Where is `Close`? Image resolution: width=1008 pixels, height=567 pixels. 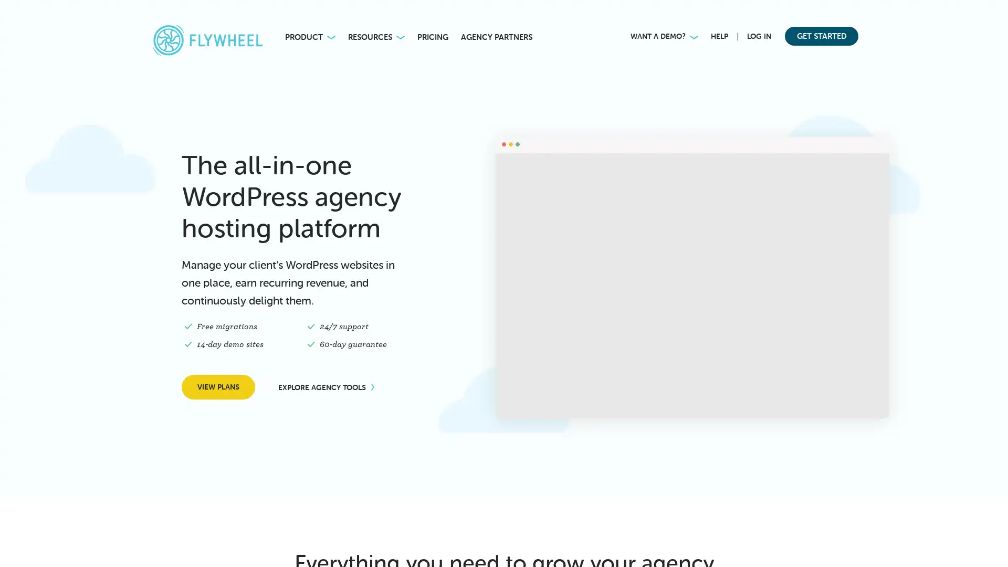
Close is located at coordinates (992, 13).